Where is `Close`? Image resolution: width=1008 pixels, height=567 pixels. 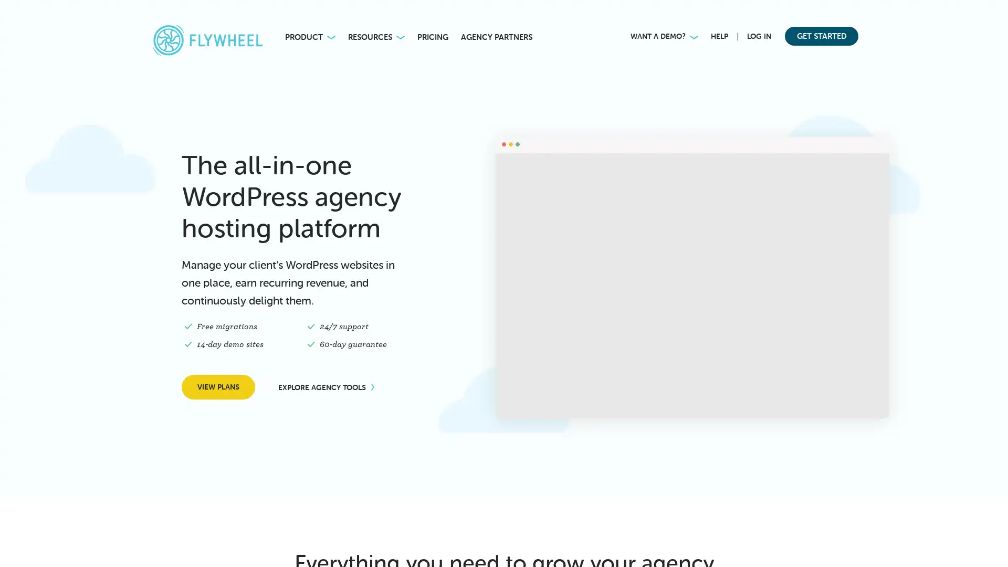
Close is located at coordinates (992, 13).